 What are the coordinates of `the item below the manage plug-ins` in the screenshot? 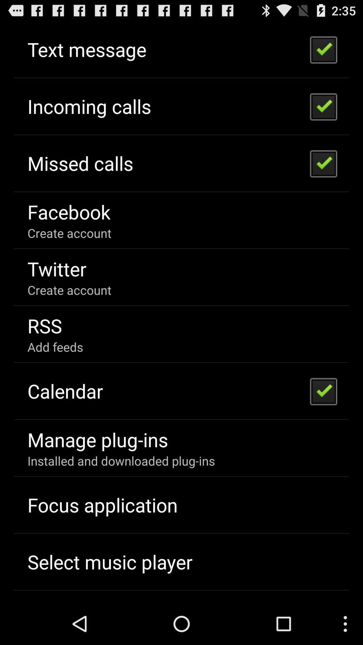 It's located at (121, 460).